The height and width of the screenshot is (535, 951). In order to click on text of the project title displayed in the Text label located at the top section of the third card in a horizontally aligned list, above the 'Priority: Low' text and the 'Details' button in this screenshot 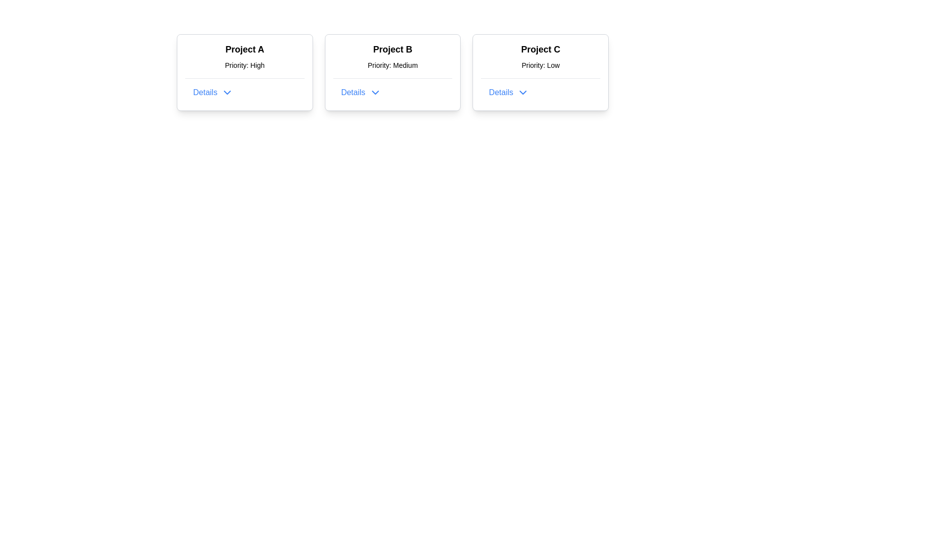, I will do `click(540, 50)`.